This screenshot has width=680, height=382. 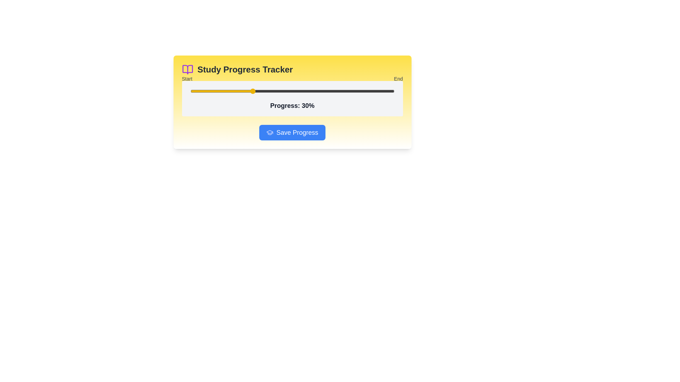 What do you see at coordinates (373, 91) in the screenshot?
I see `the progress slider to set progress to 90%` at bounding box center [373, 91].